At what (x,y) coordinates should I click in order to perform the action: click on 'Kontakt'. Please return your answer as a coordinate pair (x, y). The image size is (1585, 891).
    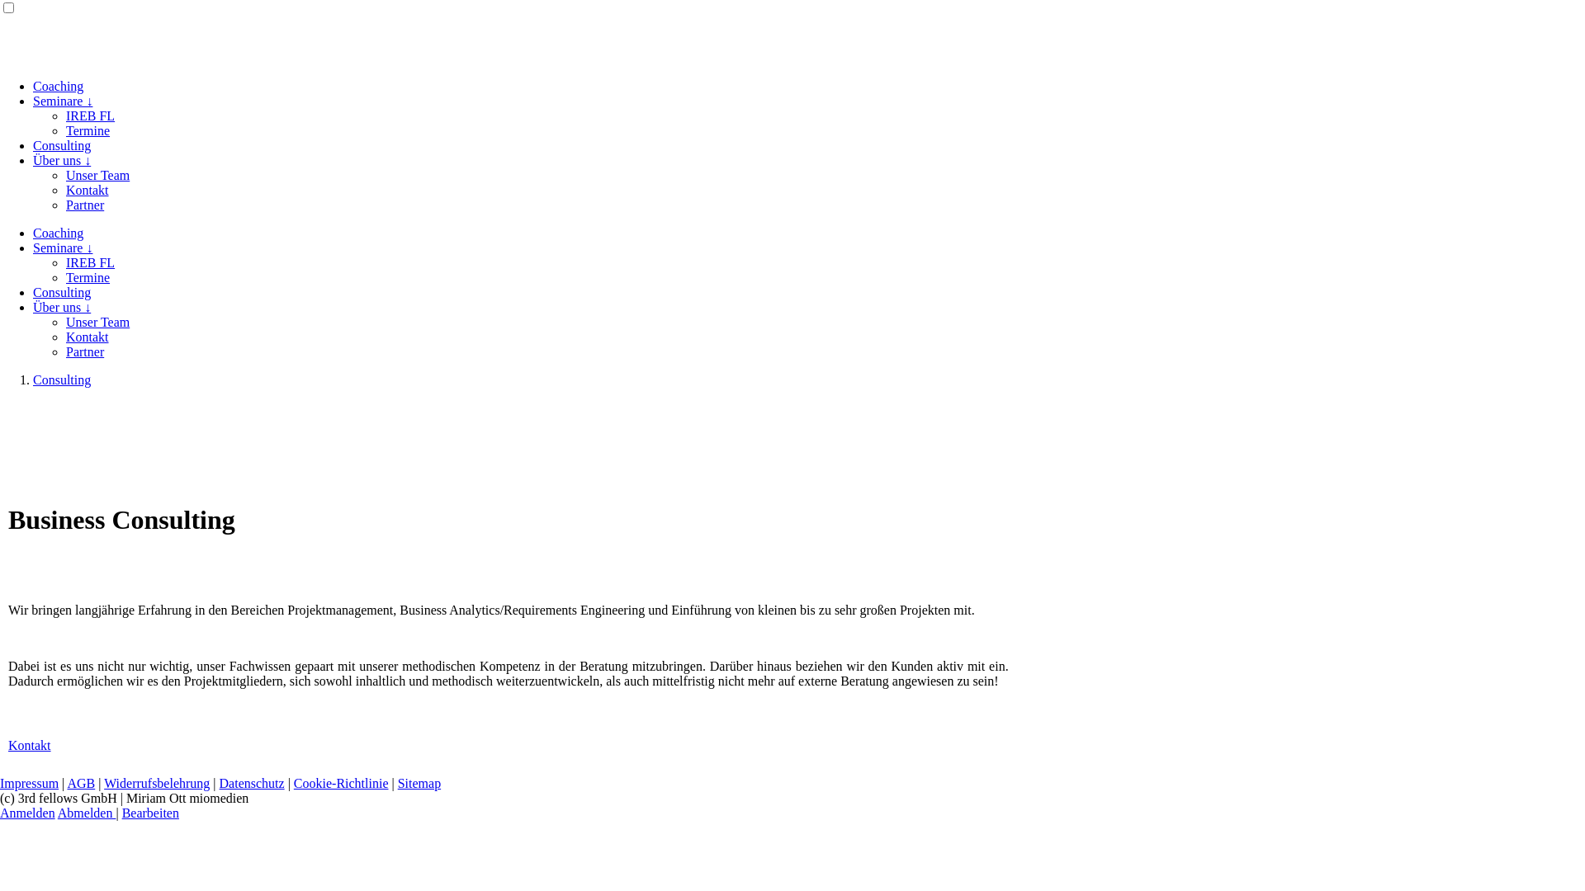
    Looking at the image, I should click on (66, 189).